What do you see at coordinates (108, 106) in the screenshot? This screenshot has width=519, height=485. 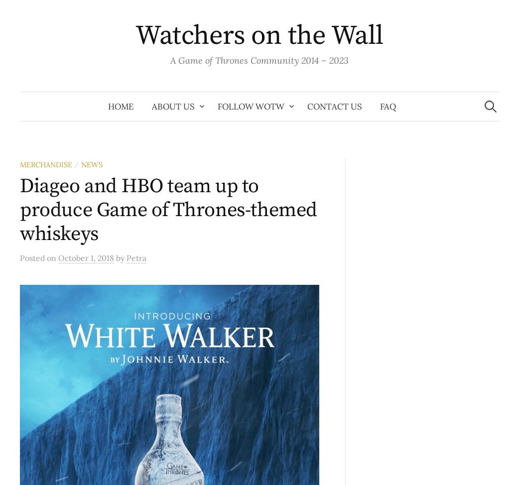 I see `'Home'` at bounding box center [108, 106].